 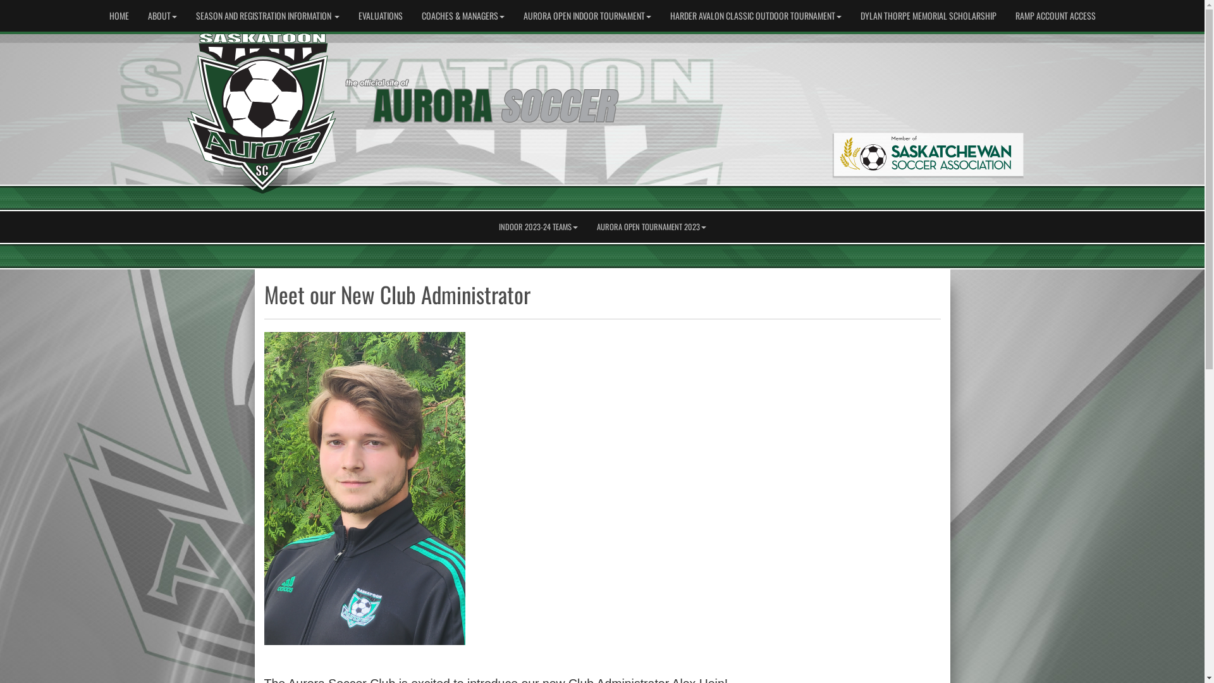 I want to click on 'INDOOR 2023-24 TEAMS', so click(x=538, y=226).